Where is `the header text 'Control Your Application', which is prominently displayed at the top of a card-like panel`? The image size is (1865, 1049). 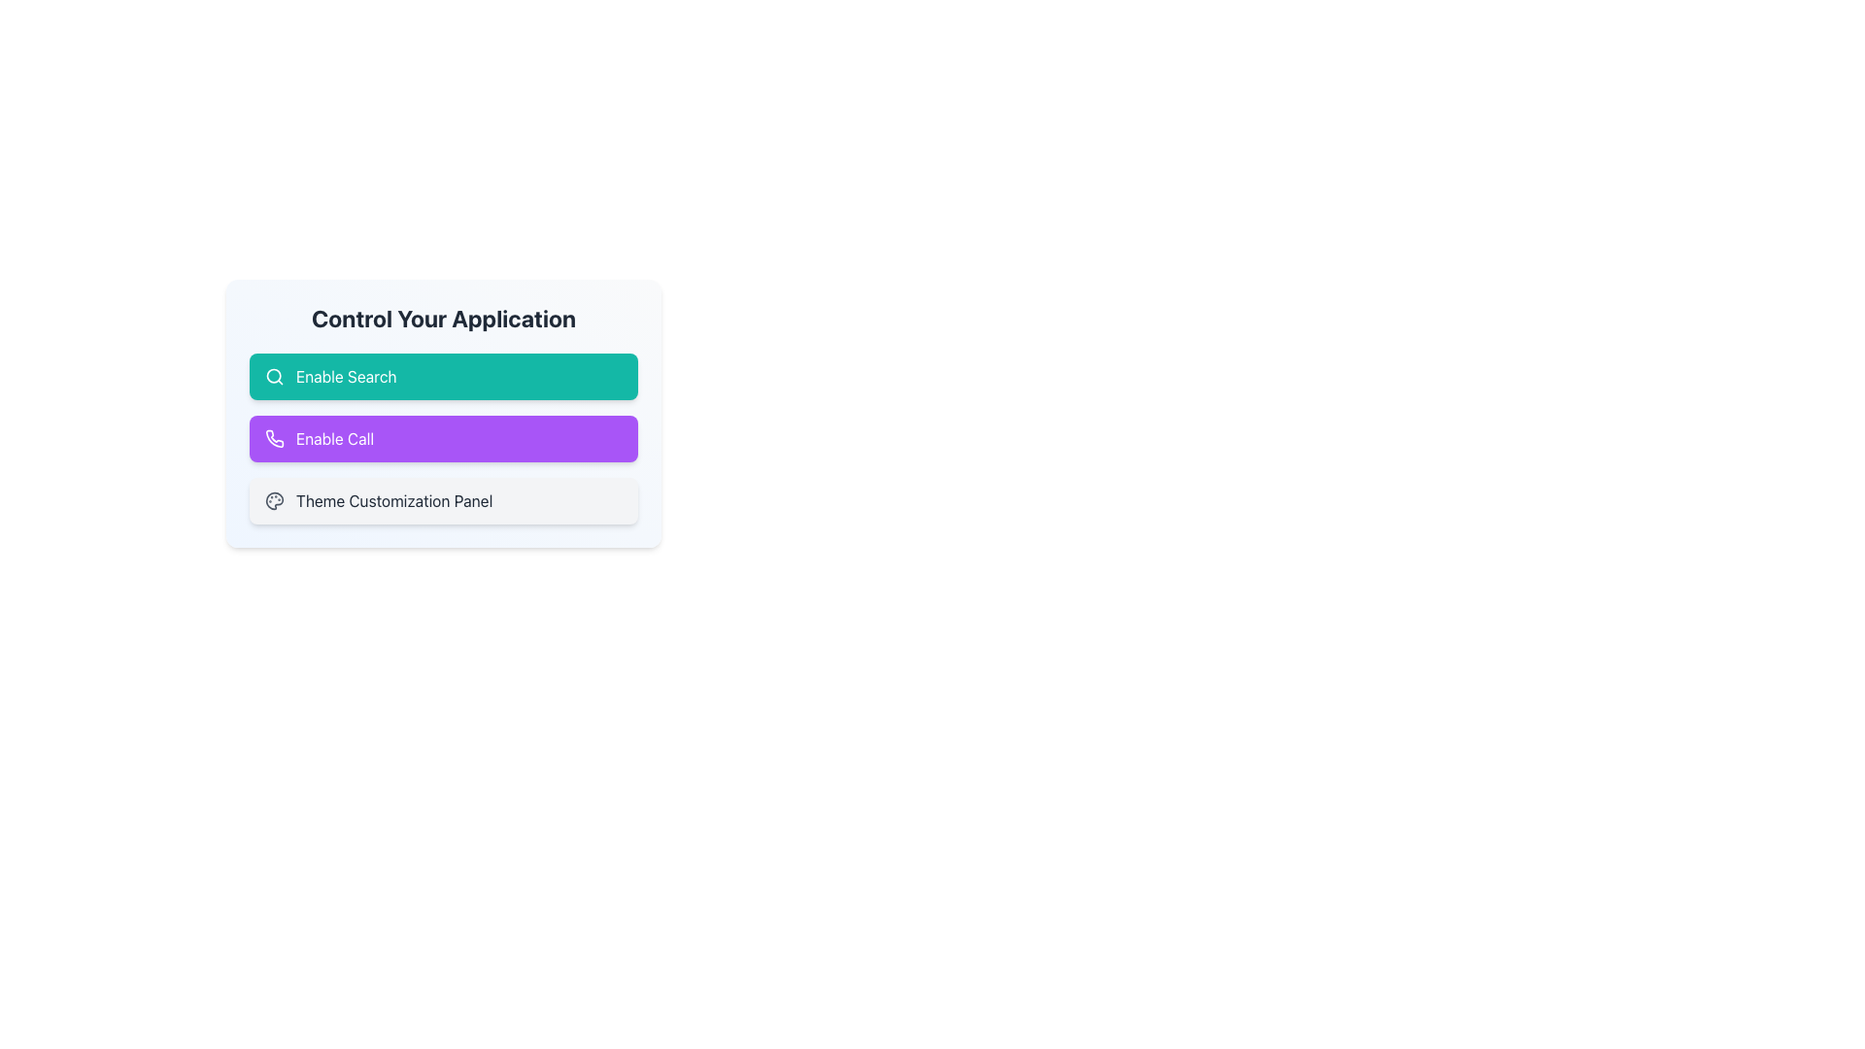 the header text 'Control Your Application', which is prominently displayed at the top of a card-like panel is located at coordinates (442, 317).